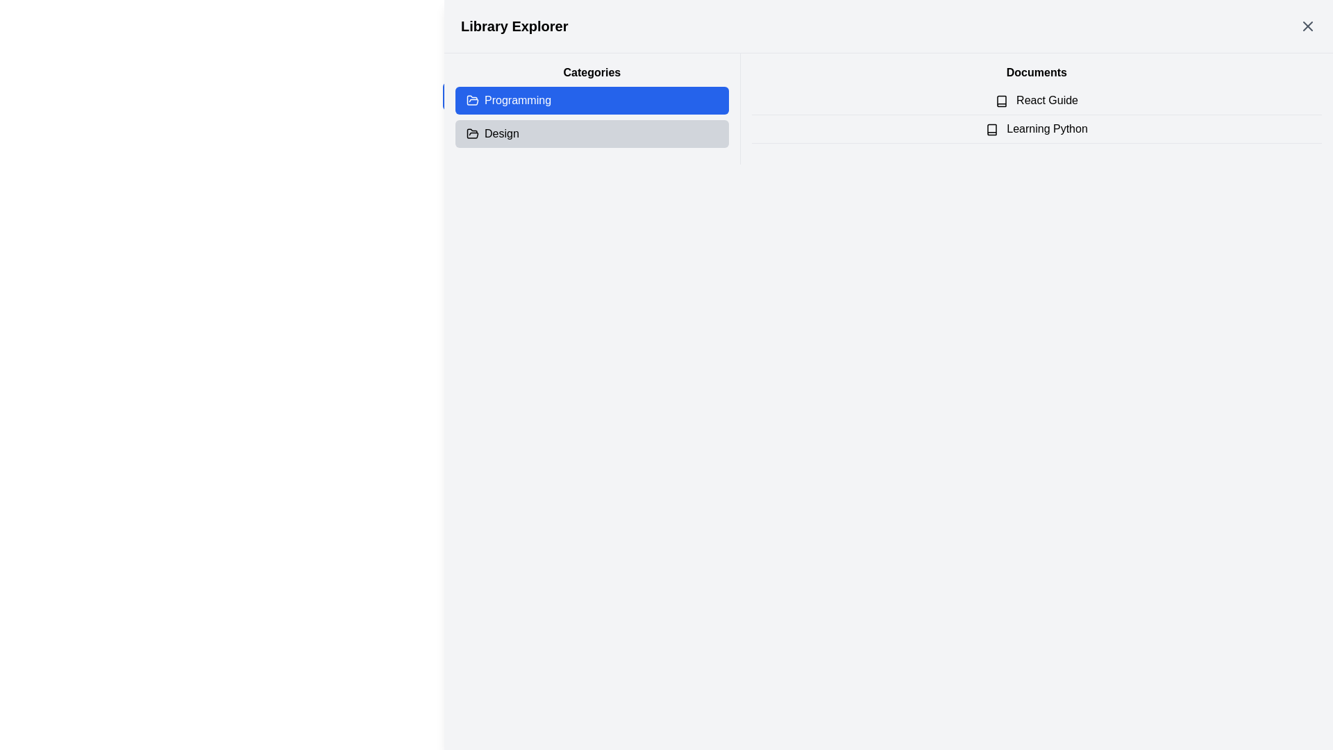  Describe the element at coordinates (991, 129) in the screenshot. I see `the small open book icon adjacent to the text 'Learning Python' in the 'Documents' section` at that location.